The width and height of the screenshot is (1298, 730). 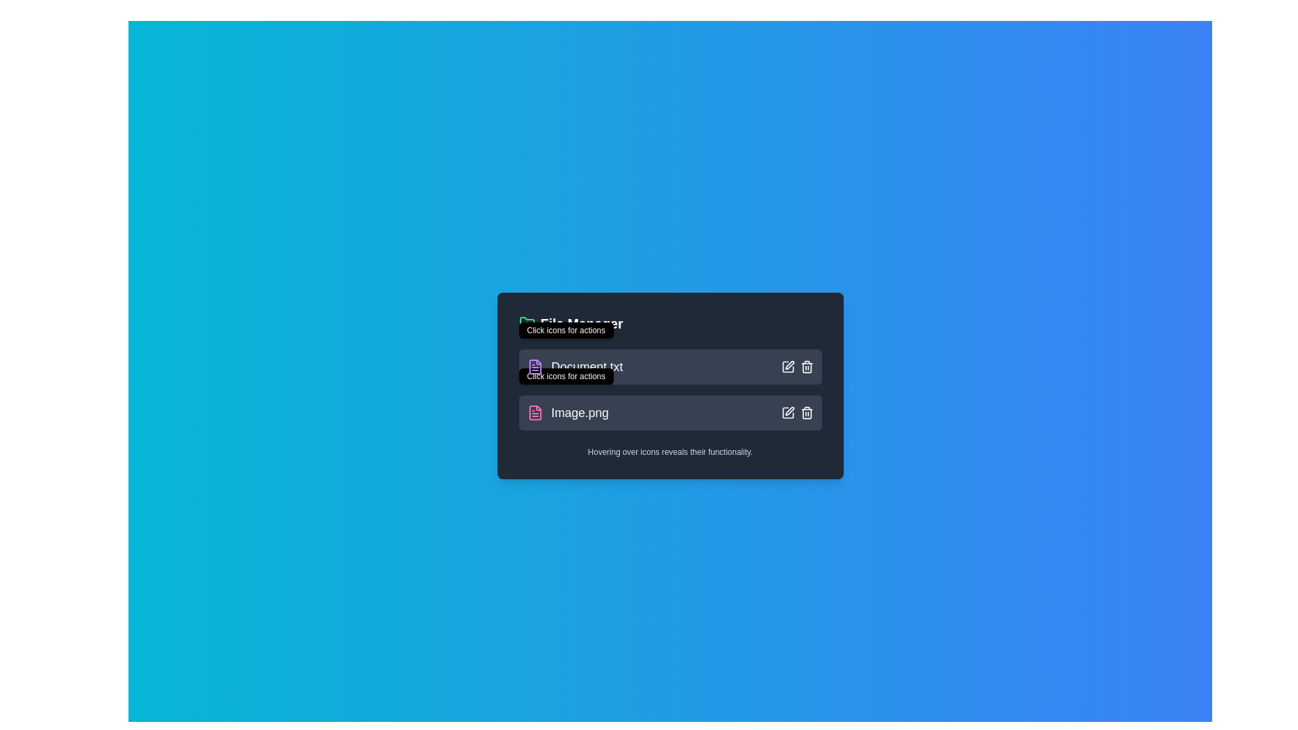 What do you see at coordinates (534, 412) in the screenshot?
I see `the file icon representing 'Image.png'` at bounding box center [534, 412].